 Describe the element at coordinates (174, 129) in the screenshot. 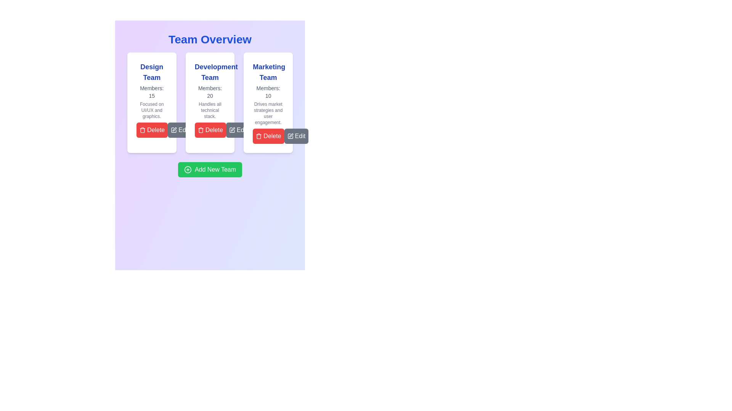

I see `the pen icon within the 'Edit' button group of the middle card labeled 'Development Team'` at that location.